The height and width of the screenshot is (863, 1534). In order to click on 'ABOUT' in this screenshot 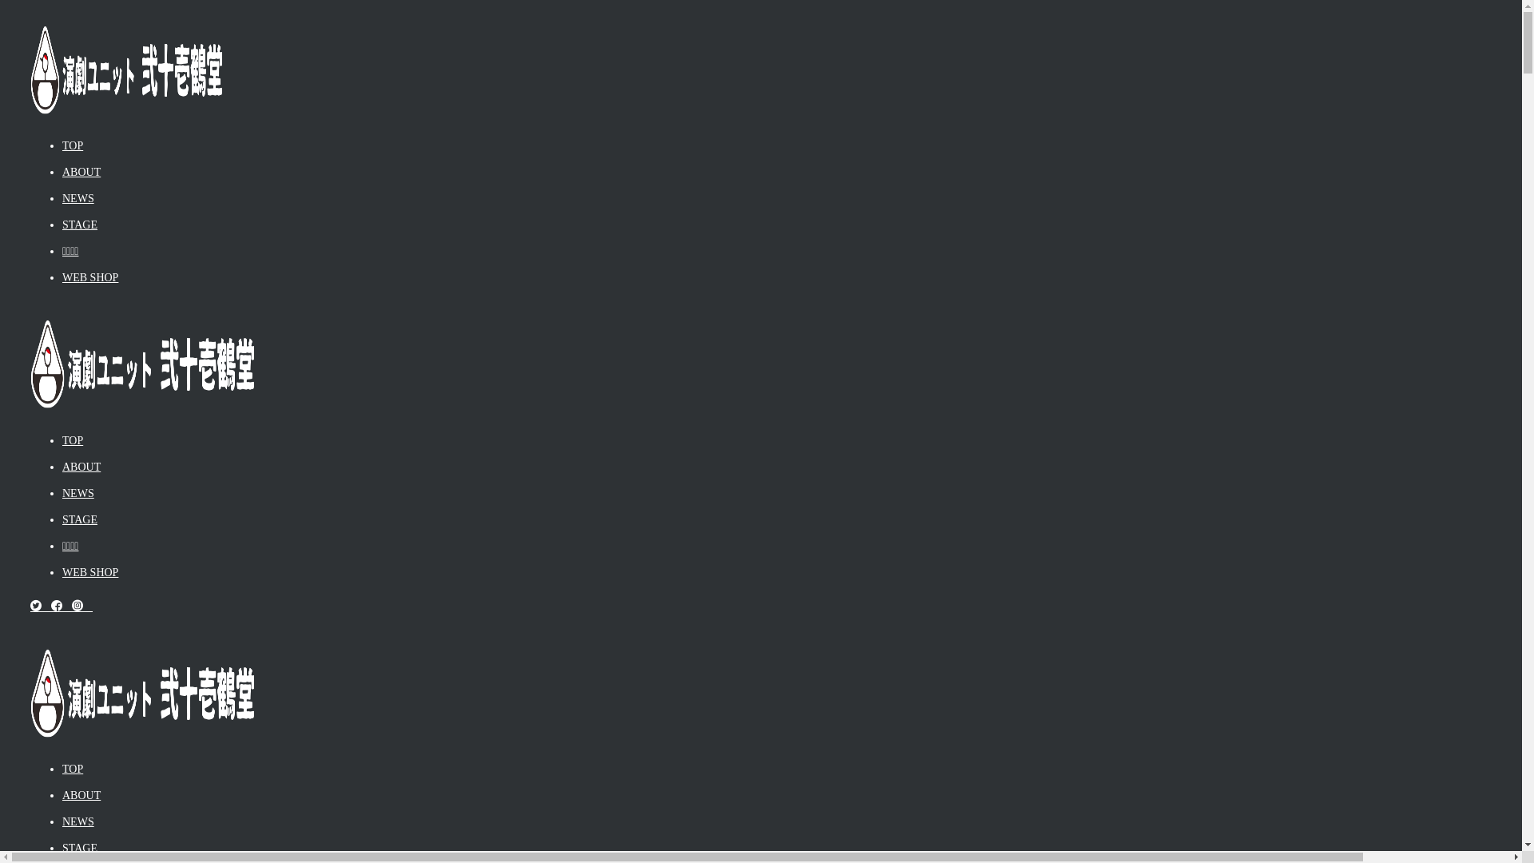, I will do `click(80, 466)`.